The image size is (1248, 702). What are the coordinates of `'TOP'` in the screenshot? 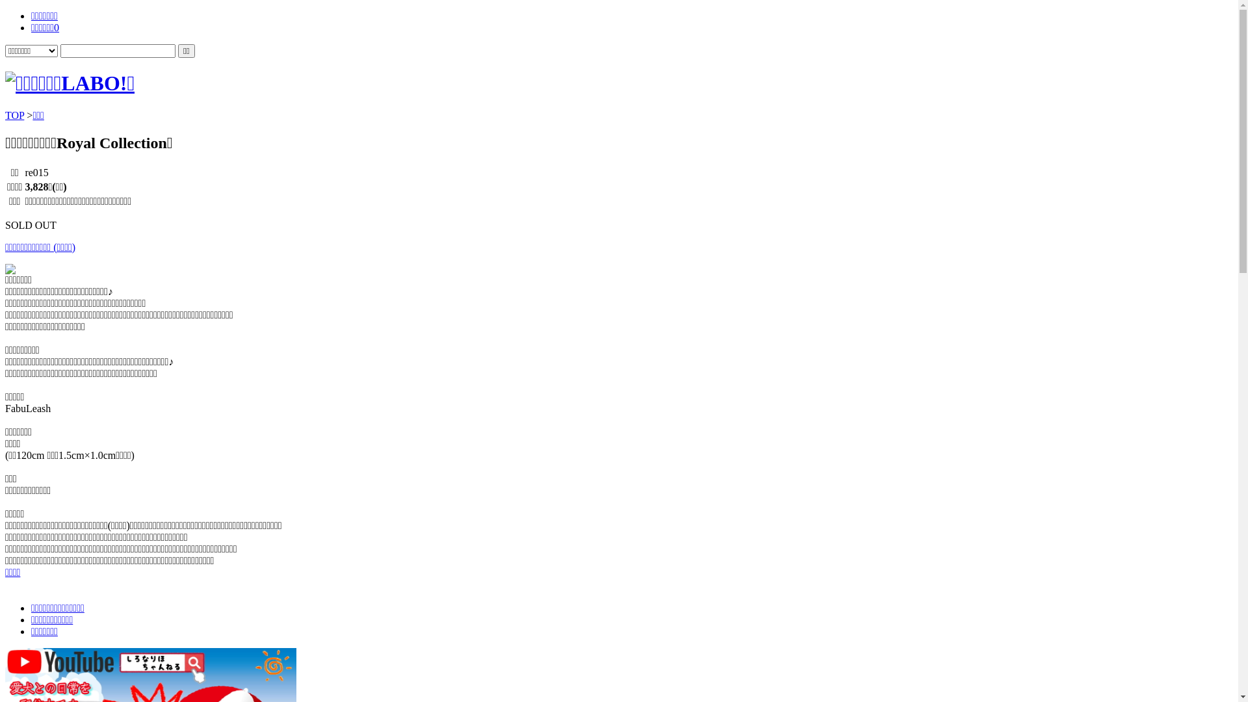 It's located at (14, 114).